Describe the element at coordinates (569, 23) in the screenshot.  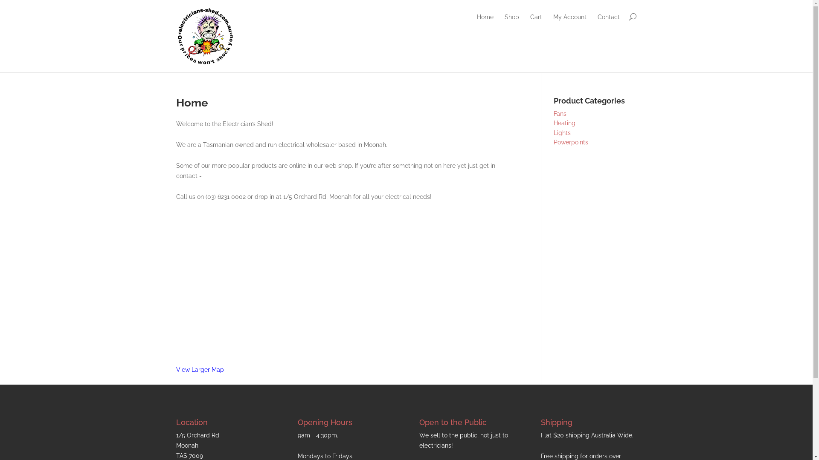
I see `'My Account'` at that location.